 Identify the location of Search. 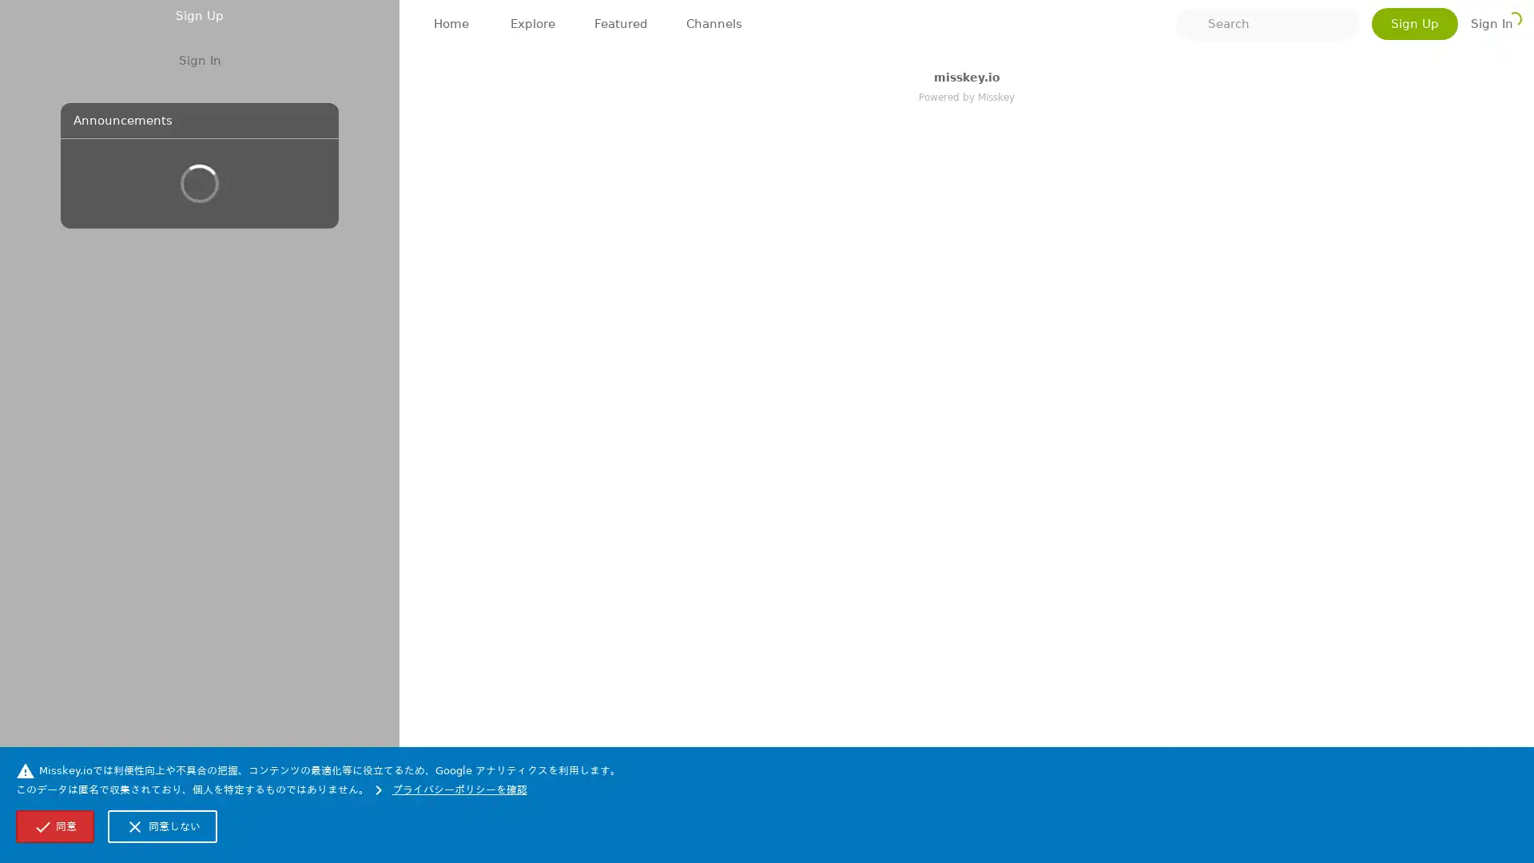
(1266, 24).